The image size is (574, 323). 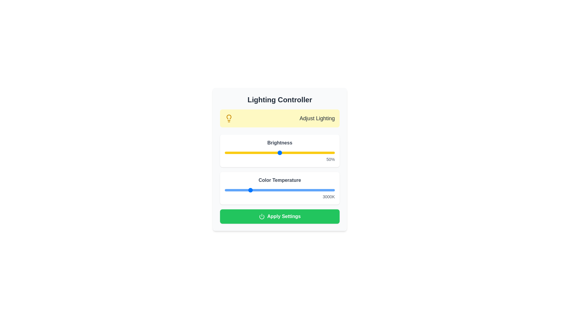 I want to click on the brightness slider to set the brightness level to 53, so click(x=283, y=152).